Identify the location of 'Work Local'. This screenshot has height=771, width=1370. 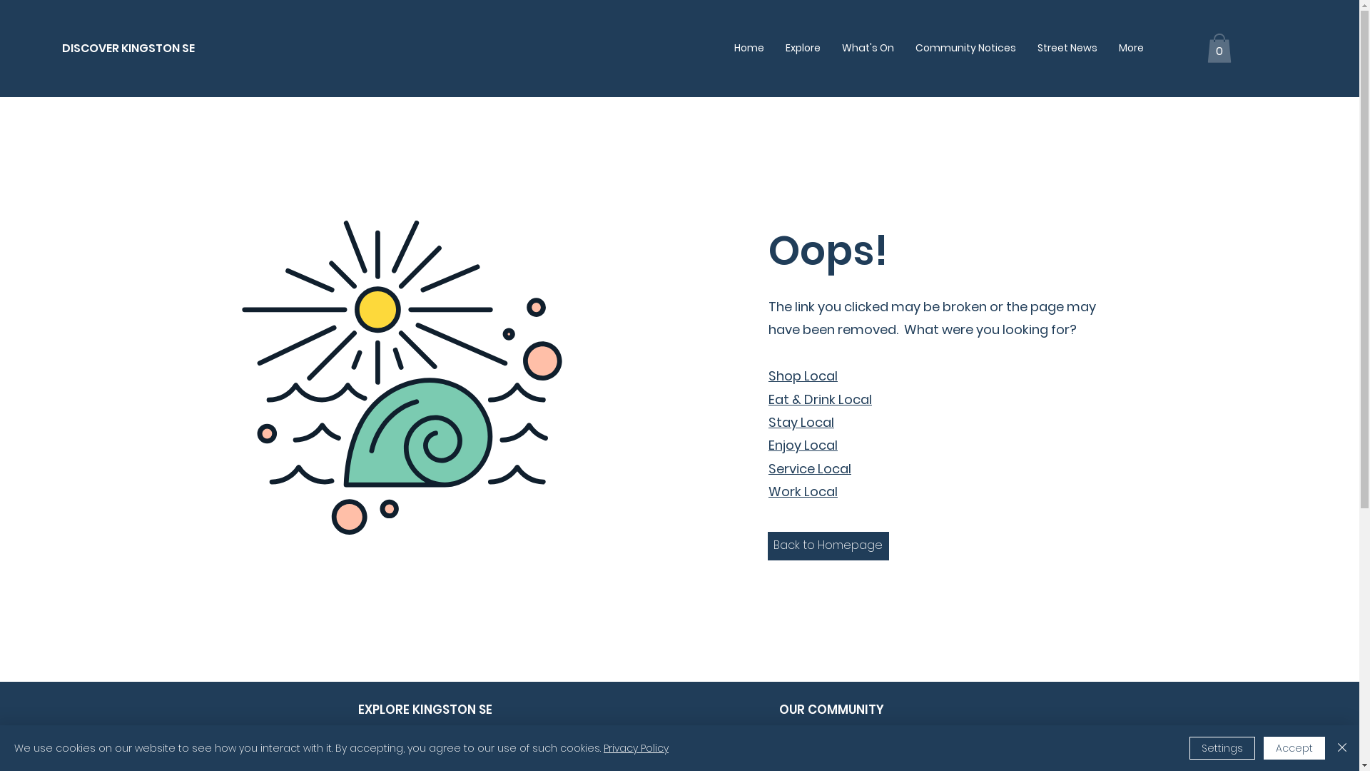
(803, 490).